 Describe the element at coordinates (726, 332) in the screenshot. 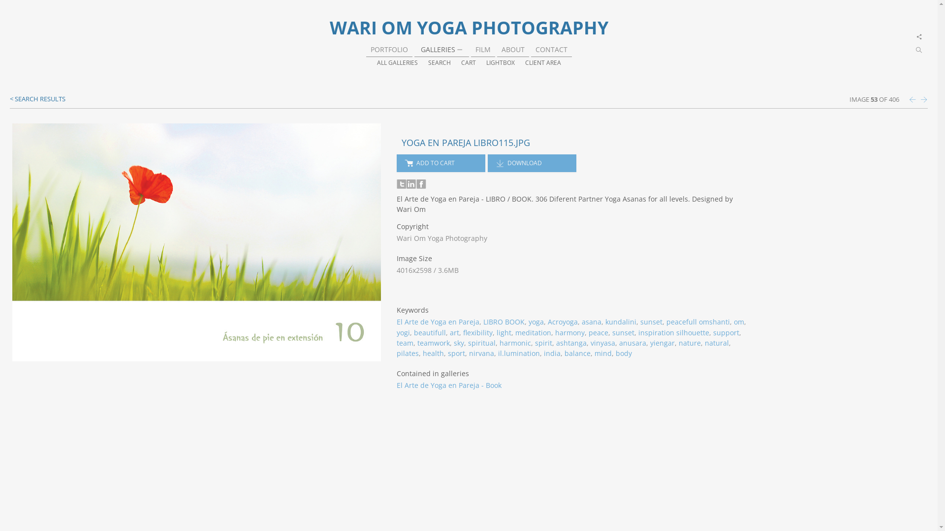

I see `'support'` at that location.